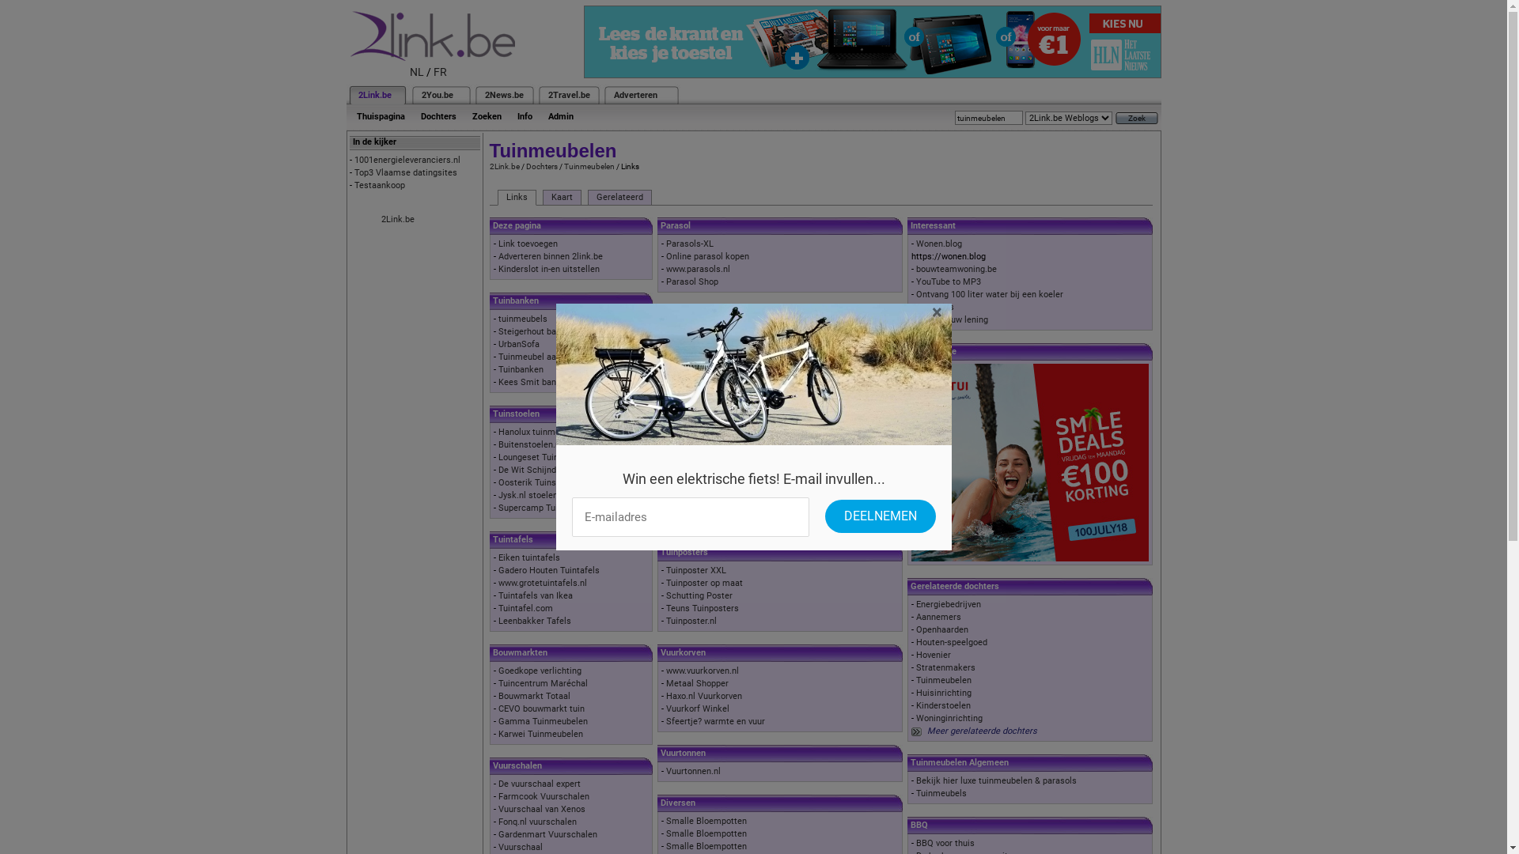 The width and height of the screenshot is (1519, 854). What do you see at coordinates (542, 432) in the screenshot?
I see `'Hanolux tuinmeubelen'` at bounding box center [542, 432].